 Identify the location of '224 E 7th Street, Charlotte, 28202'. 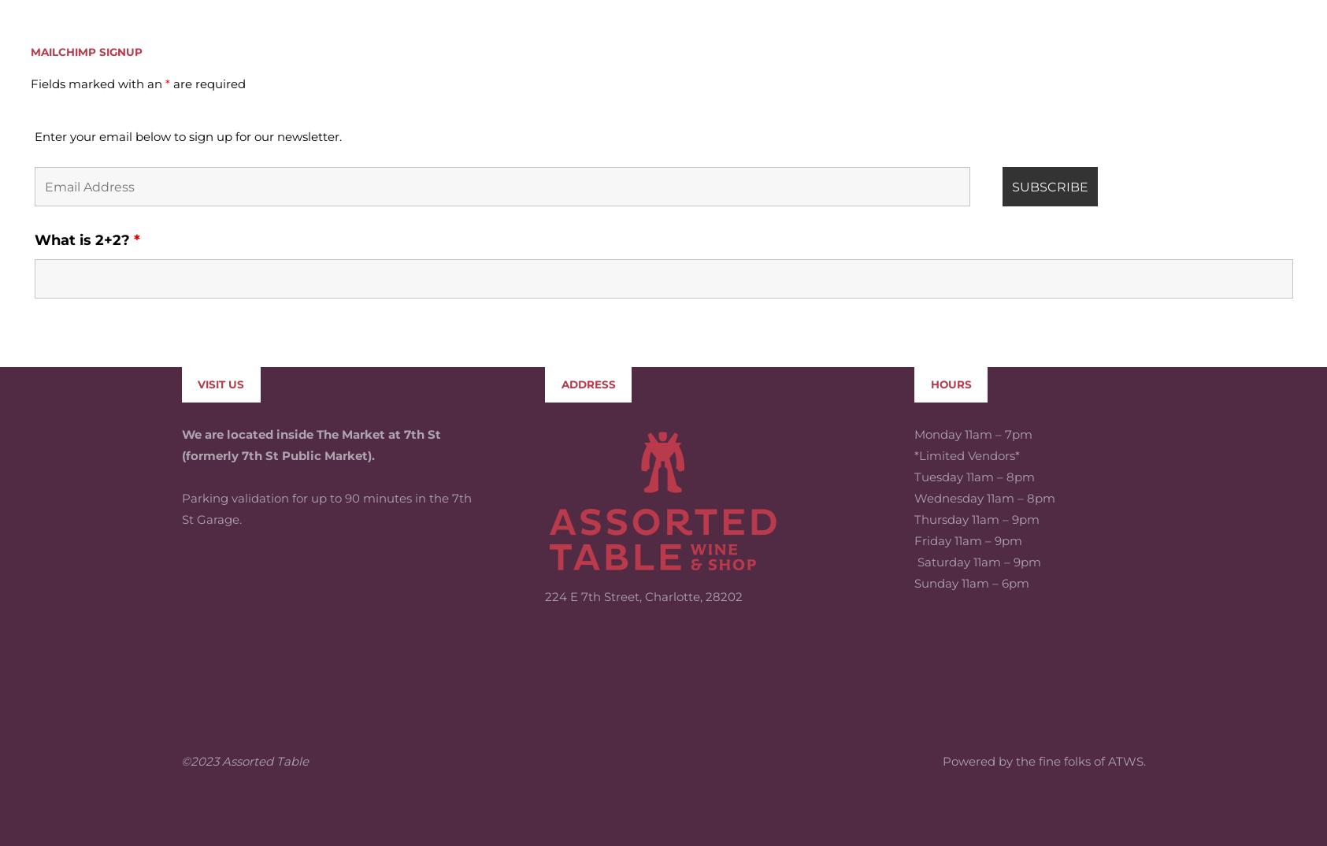
(544, 481).